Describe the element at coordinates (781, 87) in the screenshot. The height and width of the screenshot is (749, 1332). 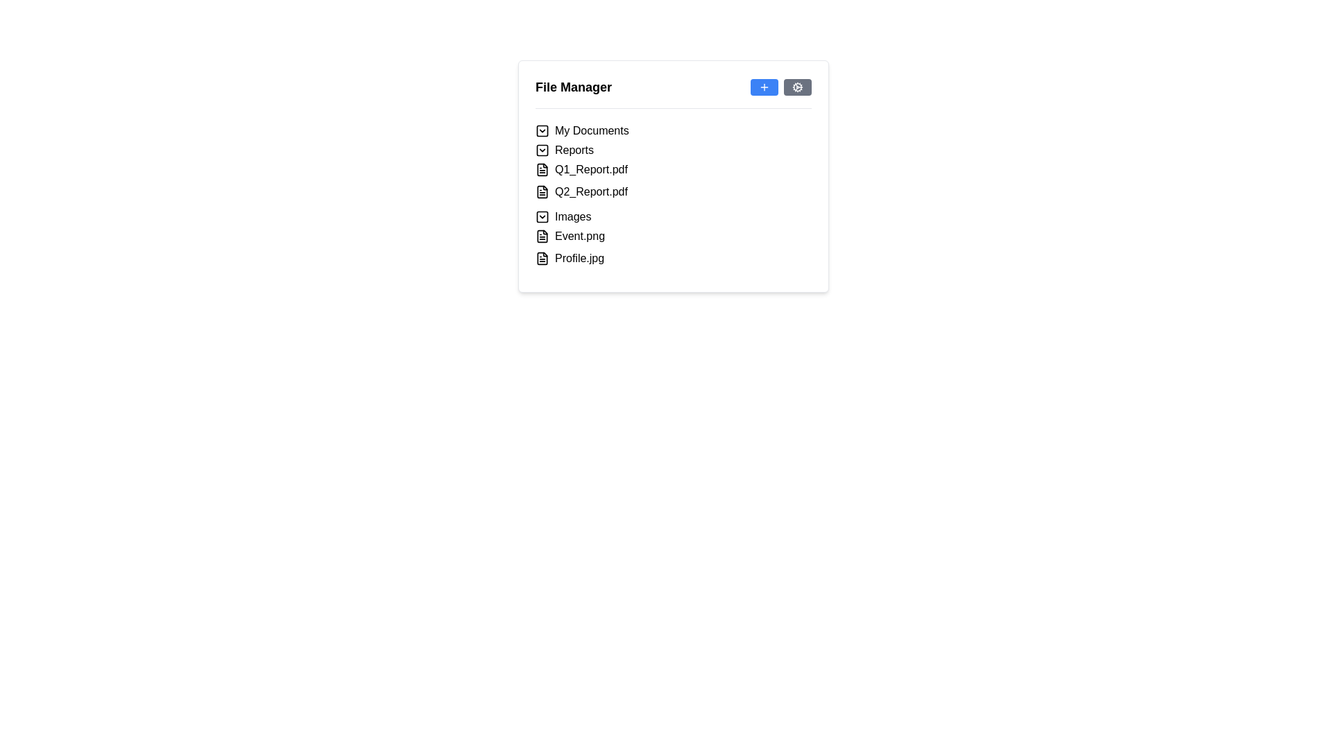
I see `the composite button element located at the upper-right corner of the 'File Manager' section` at that location.